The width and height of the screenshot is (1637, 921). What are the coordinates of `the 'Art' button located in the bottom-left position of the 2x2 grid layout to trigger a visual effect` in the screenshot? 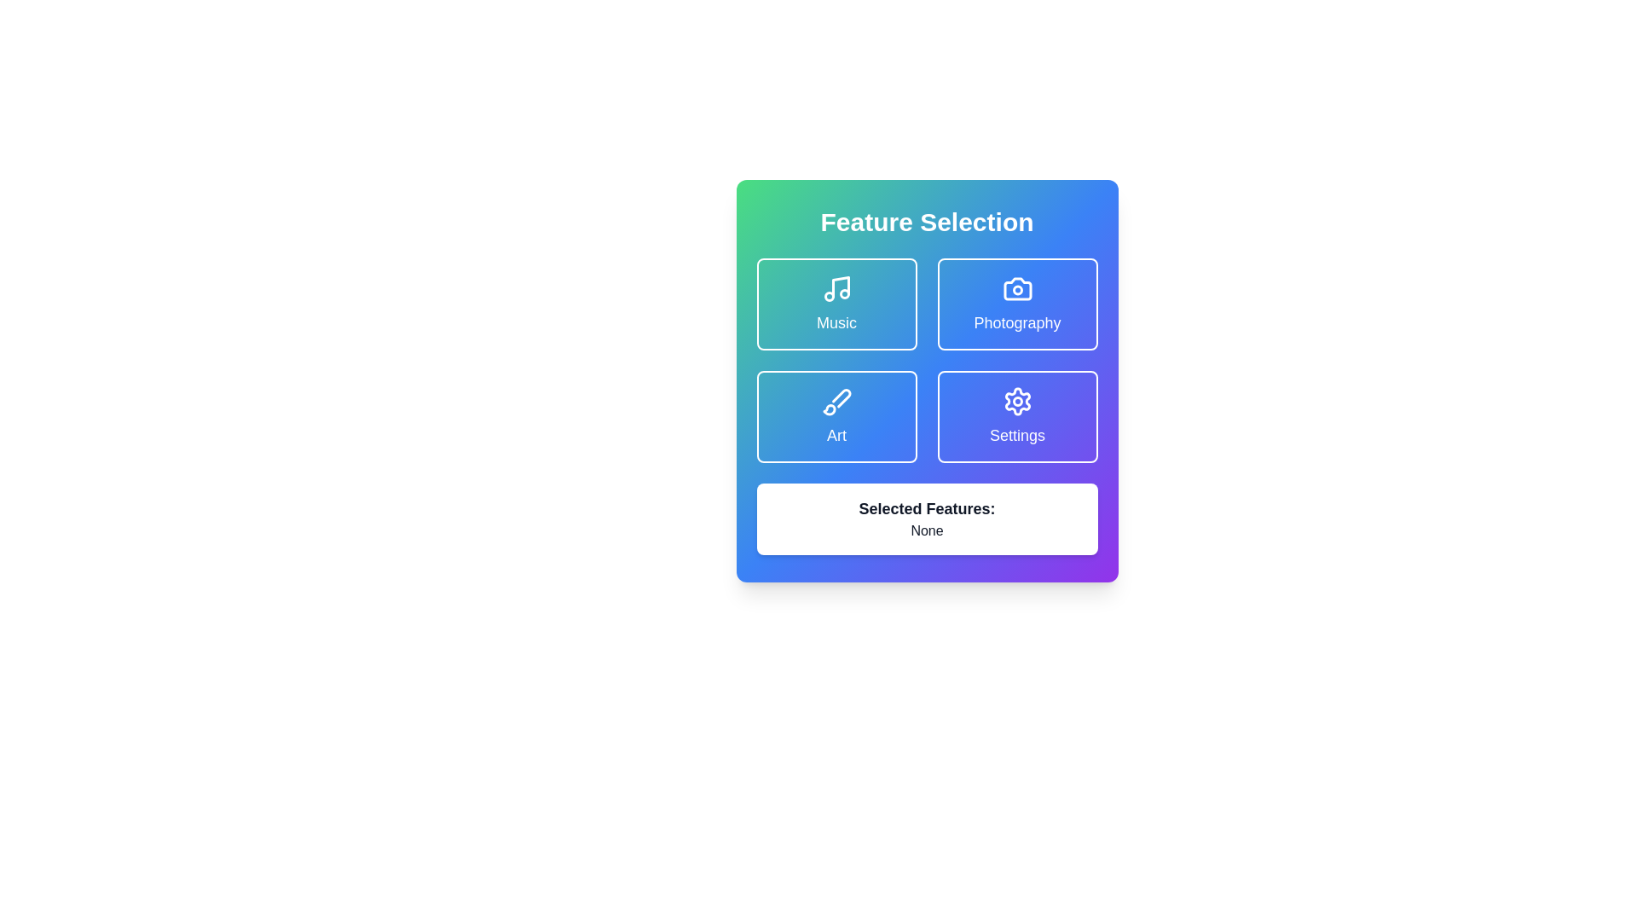 It's located at (836, 417).